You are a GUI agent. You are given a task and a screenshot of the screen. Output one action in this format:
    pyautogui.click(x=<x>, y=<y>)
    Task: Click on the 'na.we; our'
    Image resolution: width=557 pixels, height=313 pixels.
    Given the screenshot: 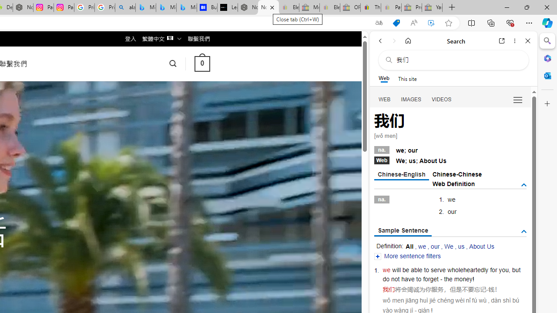 What is the action you would take?
    pyautogui.click(x=450, y=149)
    